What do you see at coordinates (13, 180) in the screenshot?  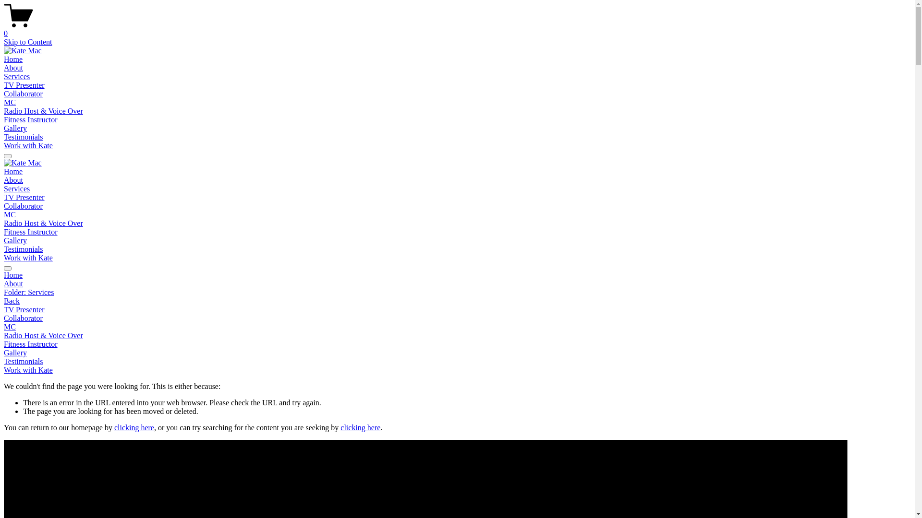 I see `'About'` at bounding box center [13, 180].